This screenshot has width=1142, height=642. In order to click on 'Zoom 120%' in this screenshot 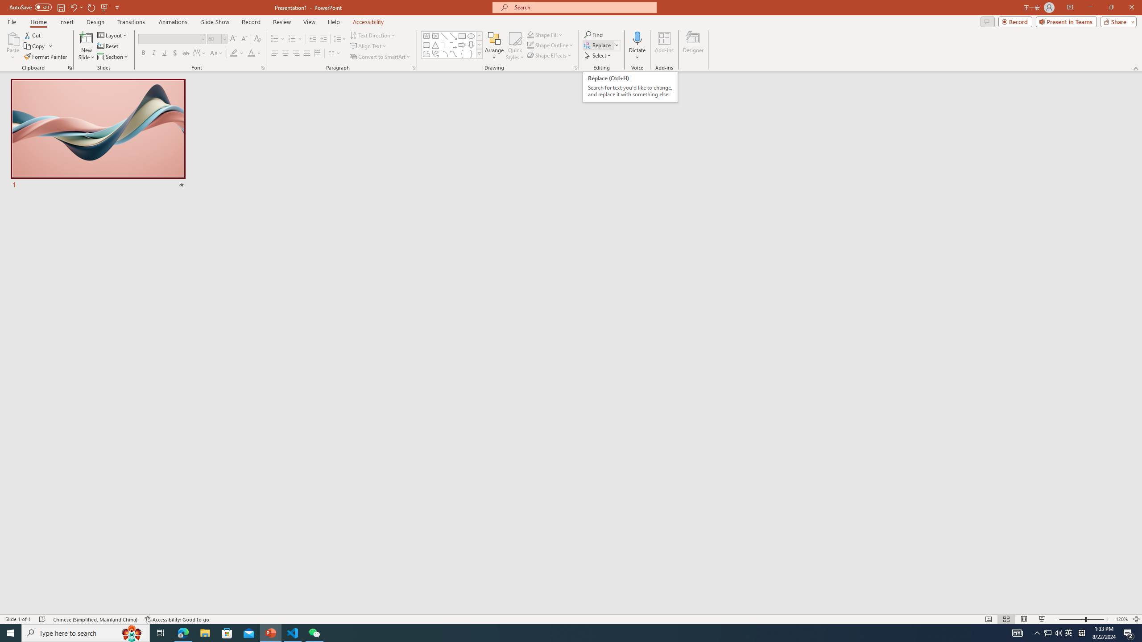, I will do `click(1122, 619)`.